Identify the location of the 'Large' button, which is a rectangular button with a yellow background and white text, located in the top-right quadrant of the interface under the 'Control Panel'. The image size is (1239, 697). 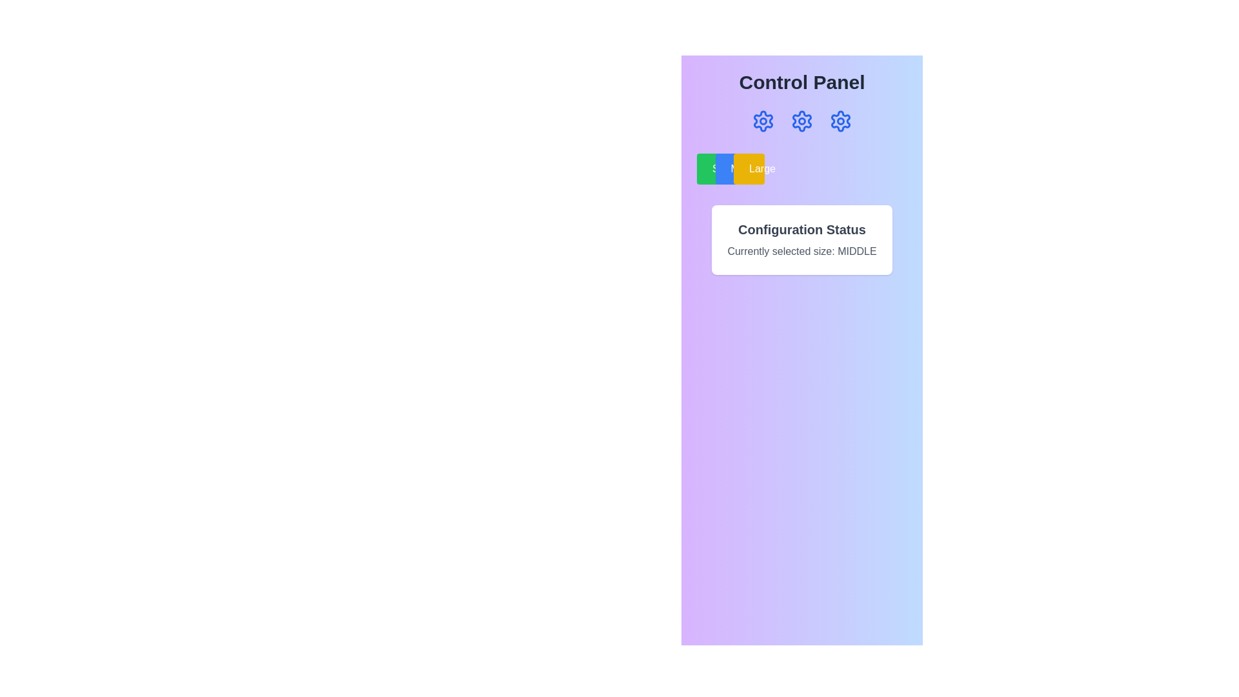
(749, 168).